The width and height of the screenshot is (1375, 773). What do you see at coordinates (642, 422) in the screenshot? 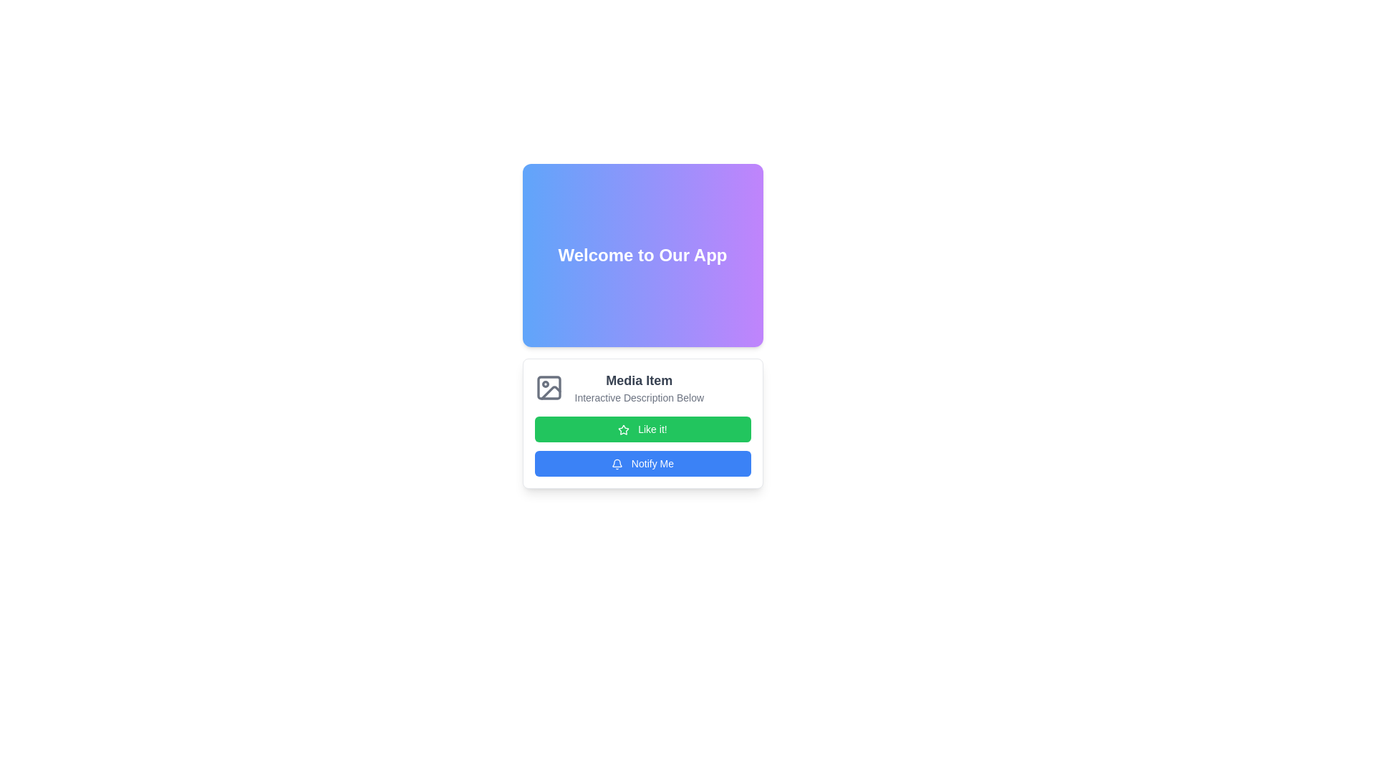
I see `the rectangular green button labeled 'Like it!' with a star icon` at bounding box center [642, 422].